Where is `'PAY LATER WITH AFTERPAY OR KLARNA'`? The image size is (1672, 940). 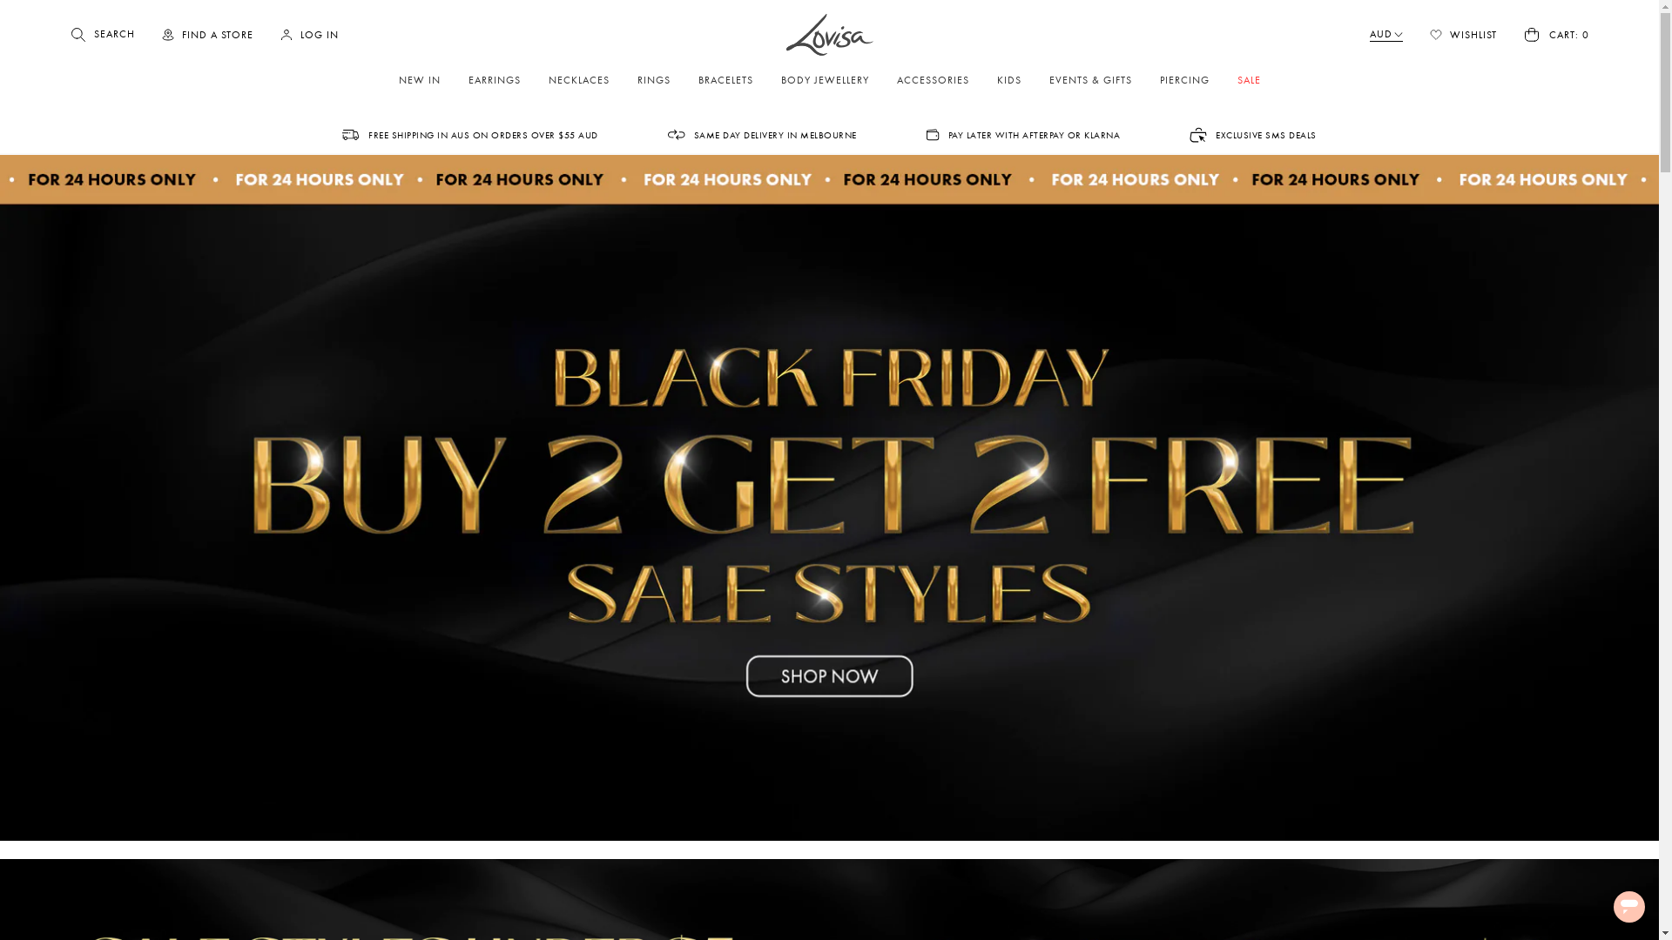
'PAY LATER WITH AFTERPAY OR KLARNA' is located at coordinates (926, 133).